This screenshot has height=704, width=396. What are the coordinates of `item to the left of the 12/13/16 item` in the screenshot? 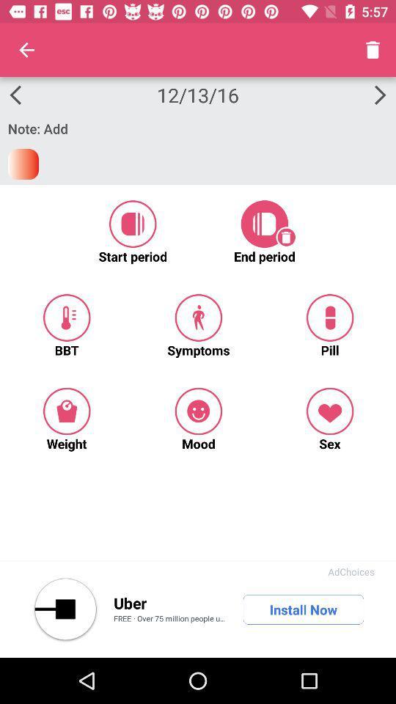 It's located at (26, 50).